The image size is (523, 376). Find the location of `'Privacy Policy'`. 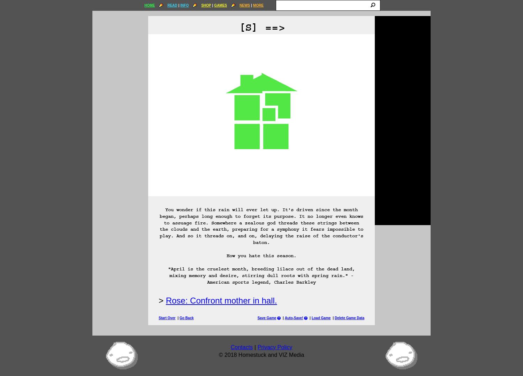

'Privacy Policy' is located at coordinates (274, 347).